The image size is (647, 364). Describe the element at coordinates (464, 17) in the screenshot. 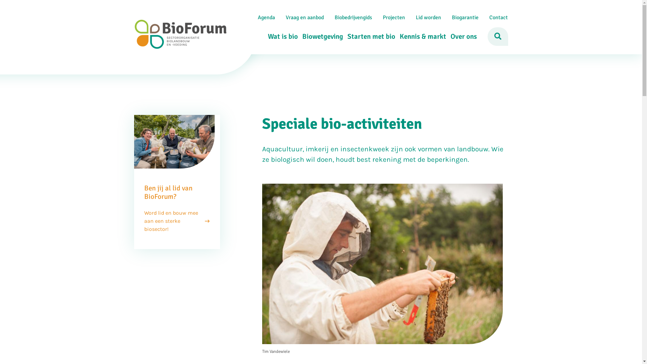

I see `'Biogarantie'` at that location.